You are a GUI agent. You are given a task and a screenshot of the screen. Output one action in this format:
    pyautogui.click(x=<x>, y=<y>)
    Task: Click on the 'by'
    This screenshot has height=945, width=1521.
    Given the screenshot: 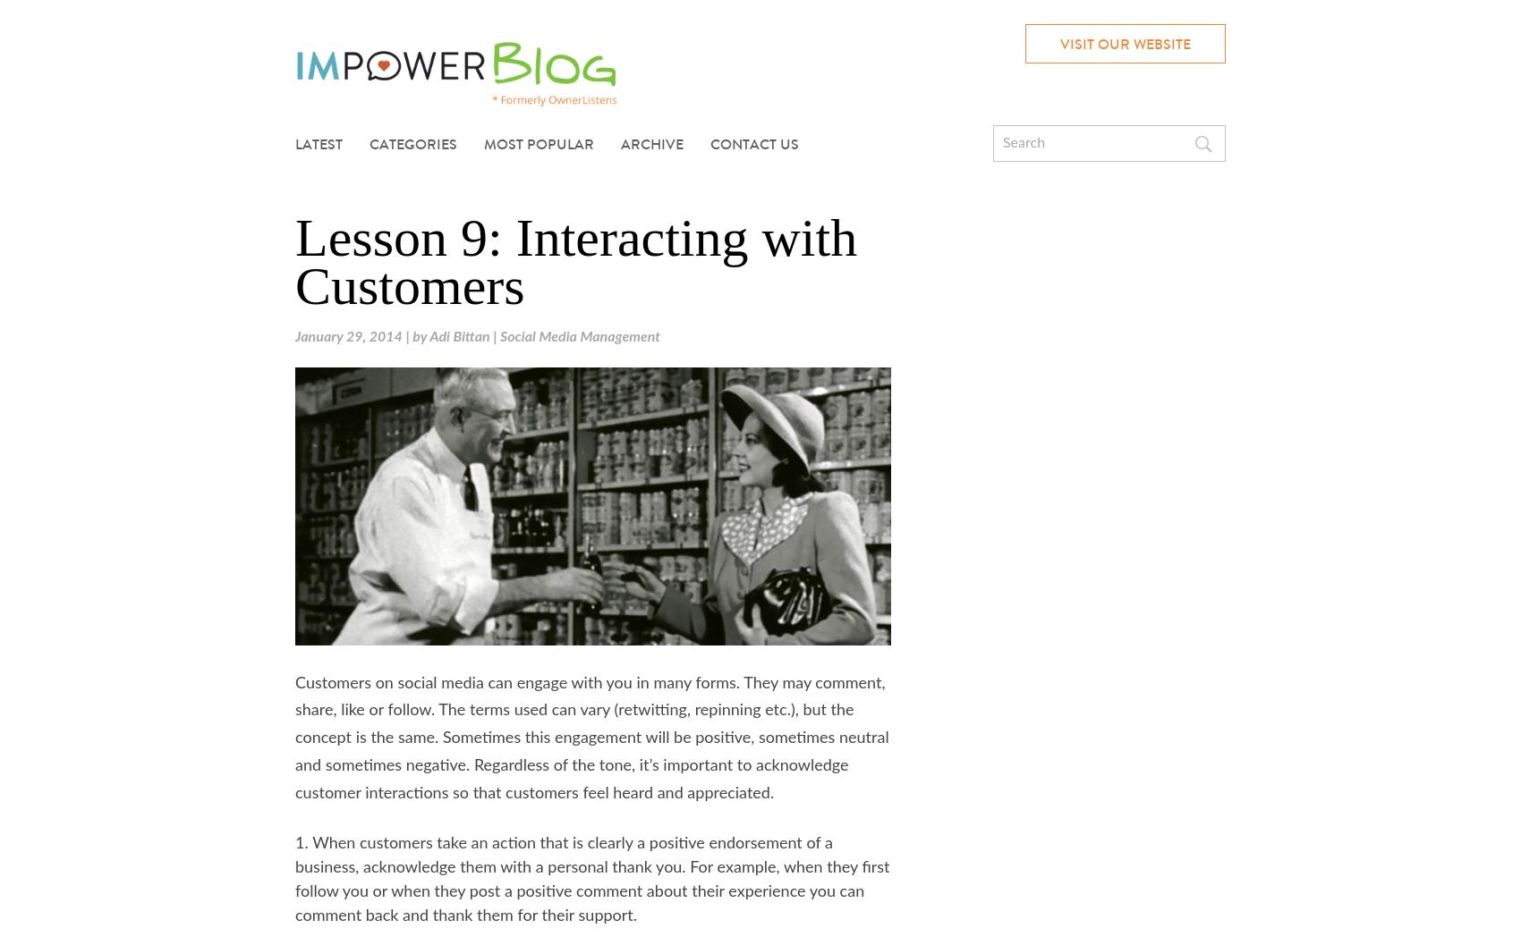 What is the action you would take?
    pyautogui.click(x=421, y=337)
    